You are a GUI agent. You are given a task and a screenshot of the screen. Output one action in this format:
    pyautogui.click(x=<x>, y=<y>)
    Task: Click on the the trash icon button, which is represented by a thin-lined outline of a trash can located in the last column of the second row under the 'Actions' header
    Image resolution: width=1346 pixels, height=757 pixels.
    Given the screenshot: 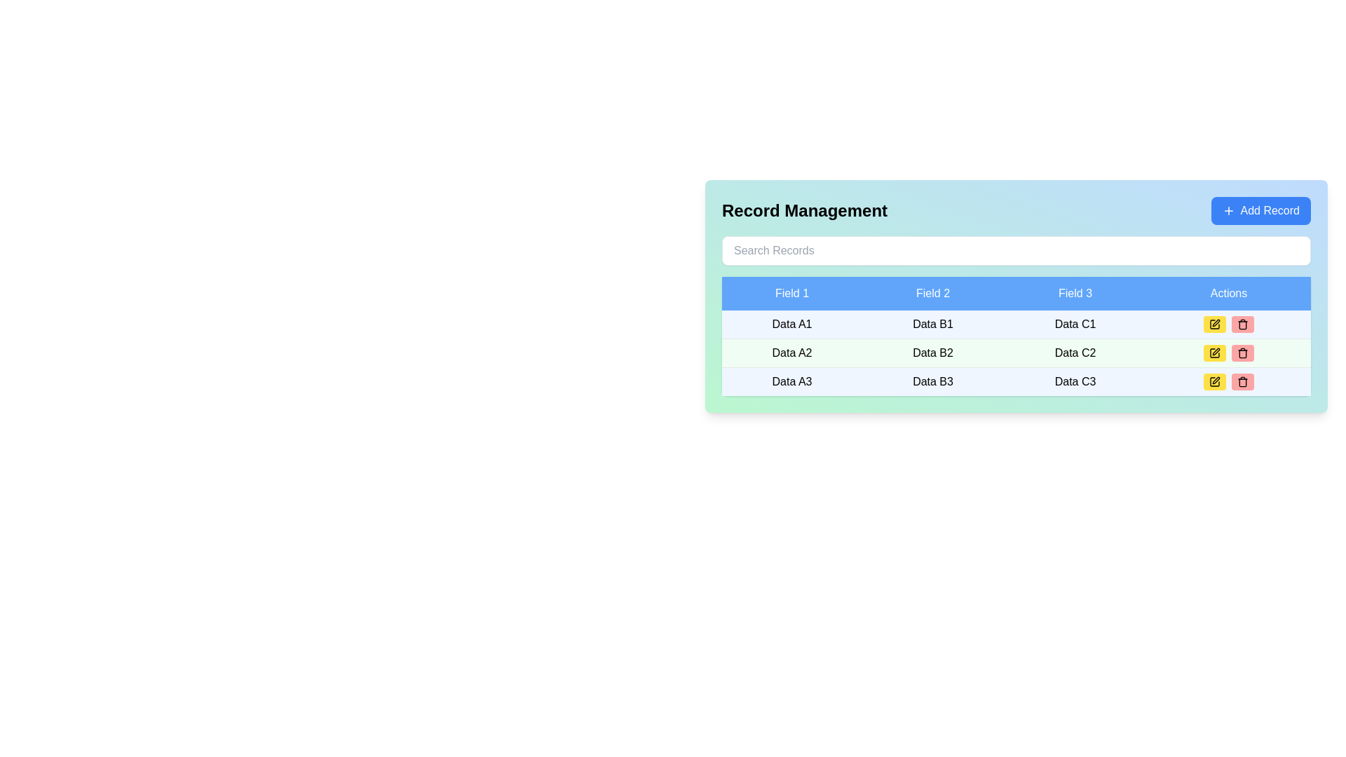 What is the action you would take?
    pyautogui.click(x=1242, y=381)
    